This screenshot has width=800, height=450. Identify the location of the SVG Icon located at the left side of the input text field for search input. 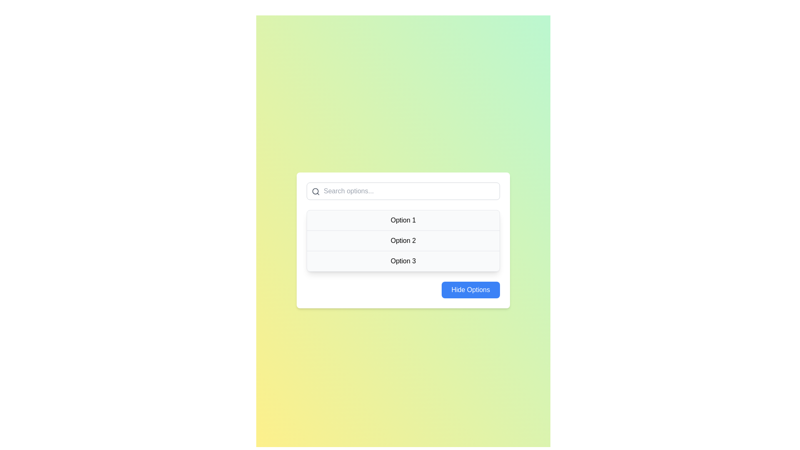
(315, 191).